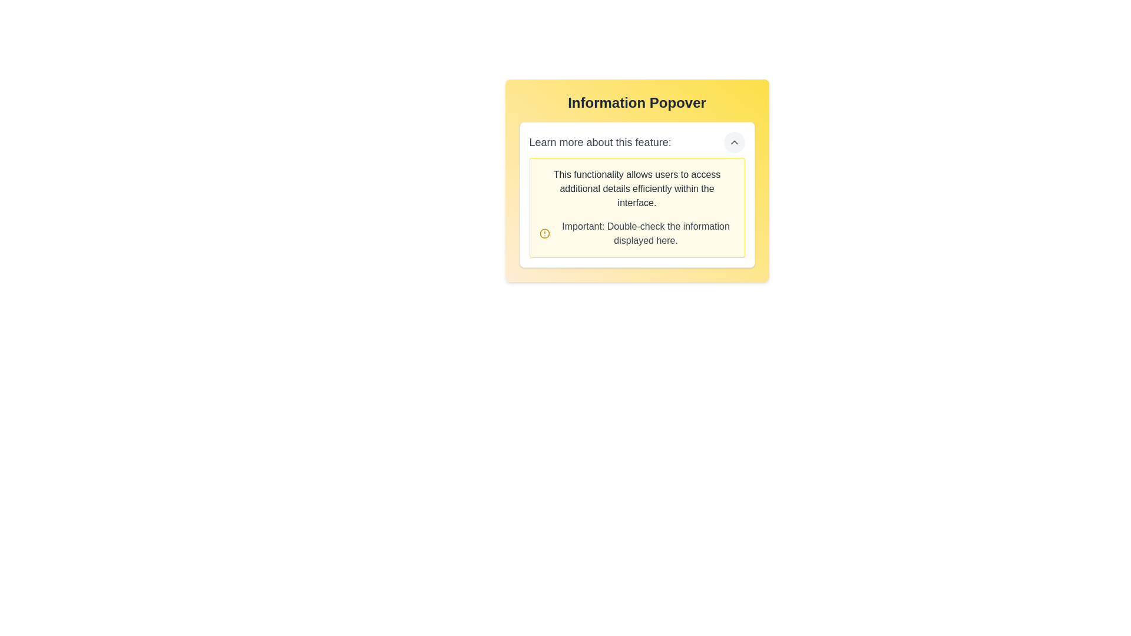  I want to click on the upward-pointing chevron icon button located in the upper-right corner of the popover, so click(733, 142).